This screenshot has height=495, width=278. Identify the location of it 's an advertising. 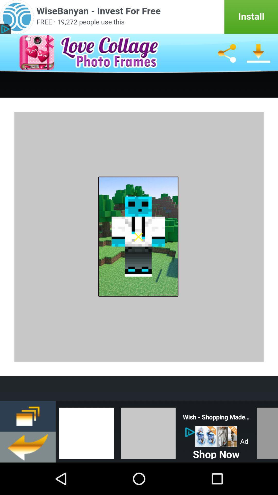
(139, 17).